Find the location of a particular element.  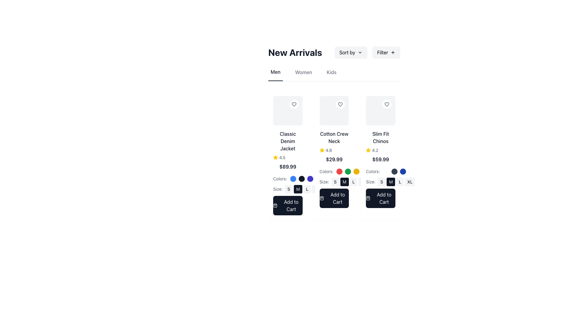

the static text displaying the rating '4.5' in gray color, which is located in the rating section of the 'Classic Denim Jacket' product card, to the right of the star icon is located at coordinates (282, 157).